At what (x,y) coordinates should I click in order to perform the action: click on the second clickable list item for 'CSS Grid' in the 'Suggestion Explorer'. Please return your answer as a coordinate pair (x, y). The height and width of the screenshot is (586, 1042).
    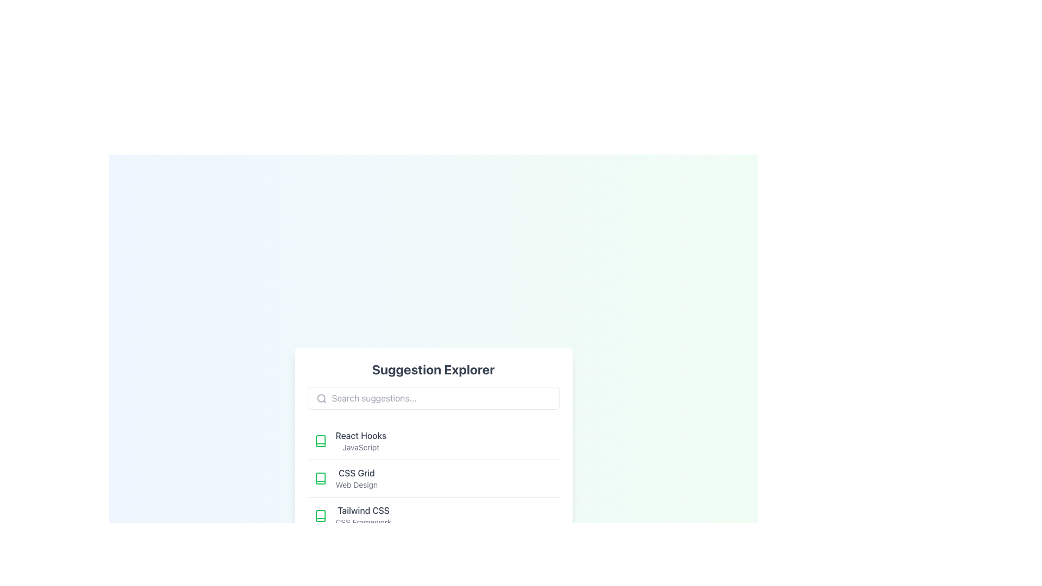
    Looking at the image, I should click on (433, 477).